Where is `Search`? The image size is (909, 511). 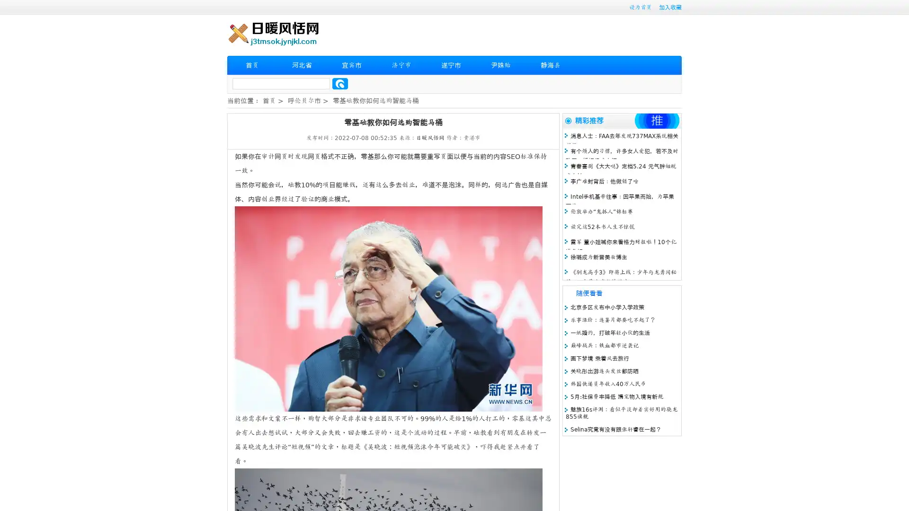 Search is located at coordinates (340, 83).